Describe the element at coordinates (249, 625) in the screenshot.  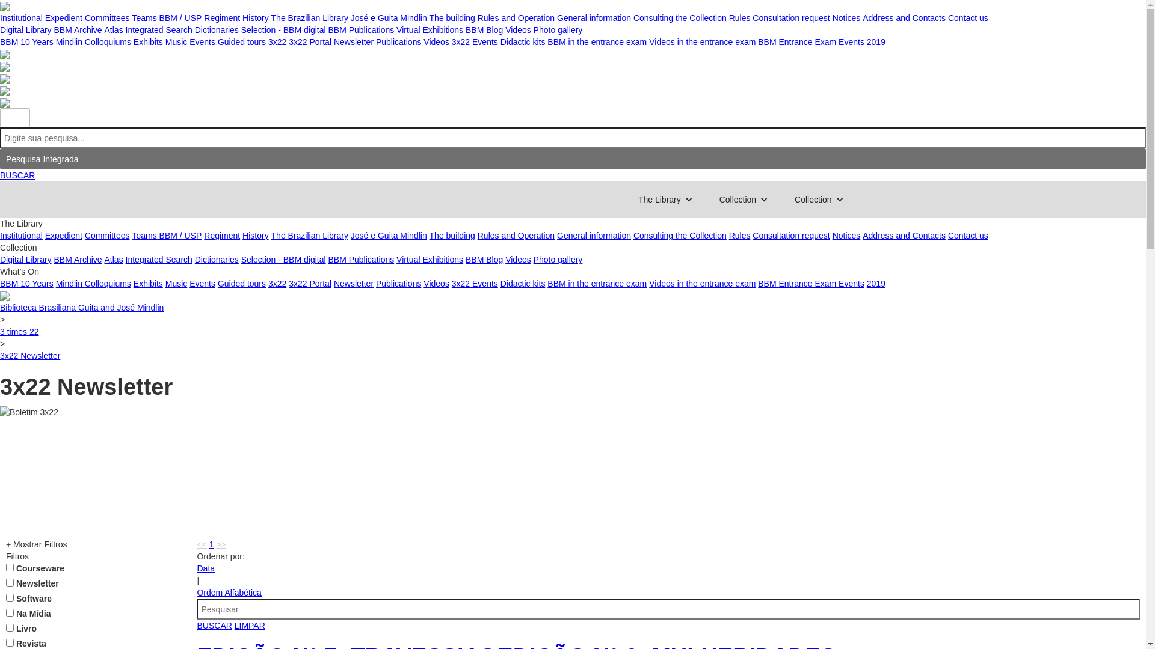
I see `'LIMPAR'` at that location.